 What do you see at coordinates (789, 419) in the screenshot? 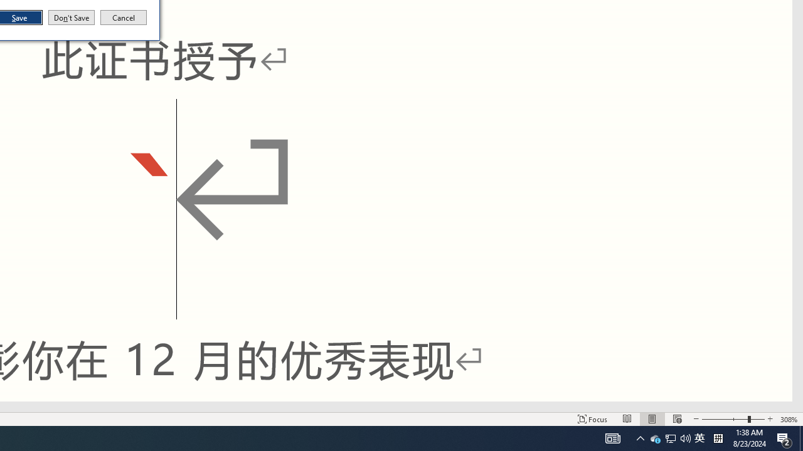
I see `'Zoom 308%'` at bounding box center [789, 419].